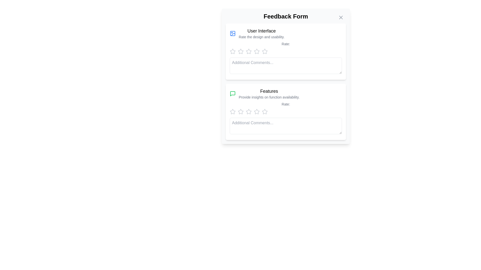 The width and height of the screenshot is (481, 270). Describe the element at coordinates (232, 93) in the screenshot. I see `the 'Features' section icon located in the top-left corner of the feedback section to visually identify its purpose` at that location.